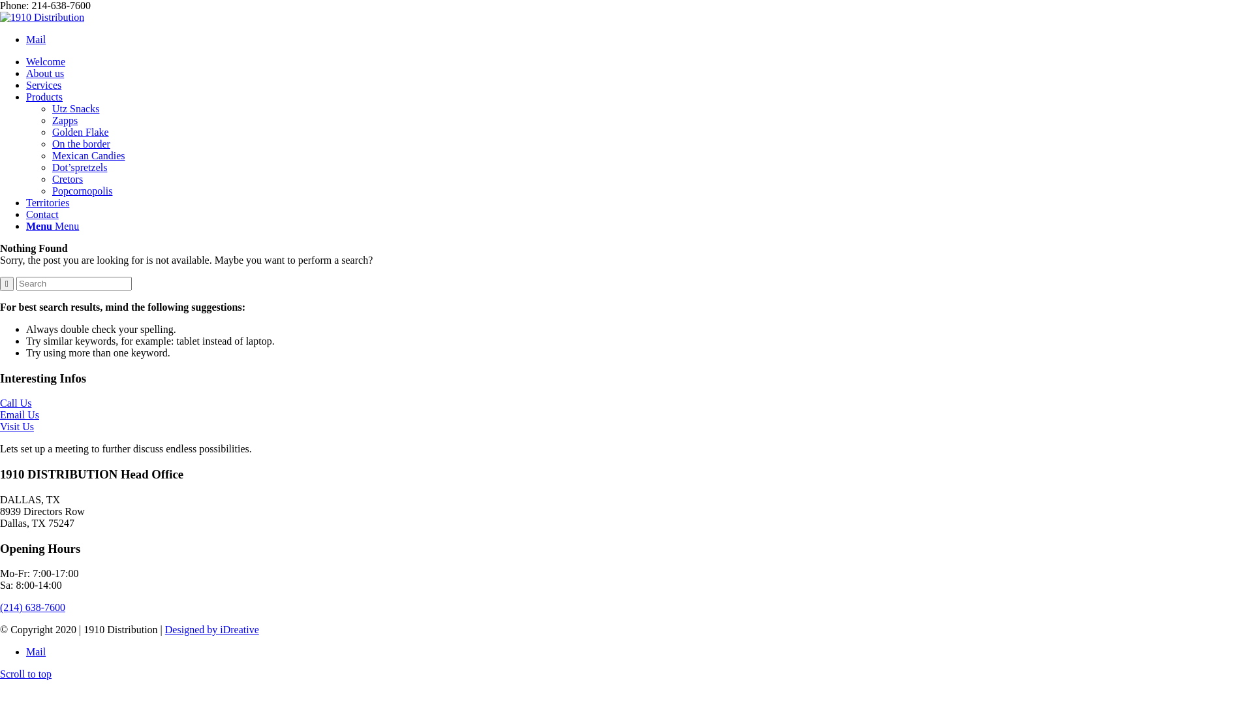 This screenshot has height=705, width=1253. What do you see at coordinates (25, 674) in the screenshot?
I see `'Scroll to top'` at bounding box center [25, 674].